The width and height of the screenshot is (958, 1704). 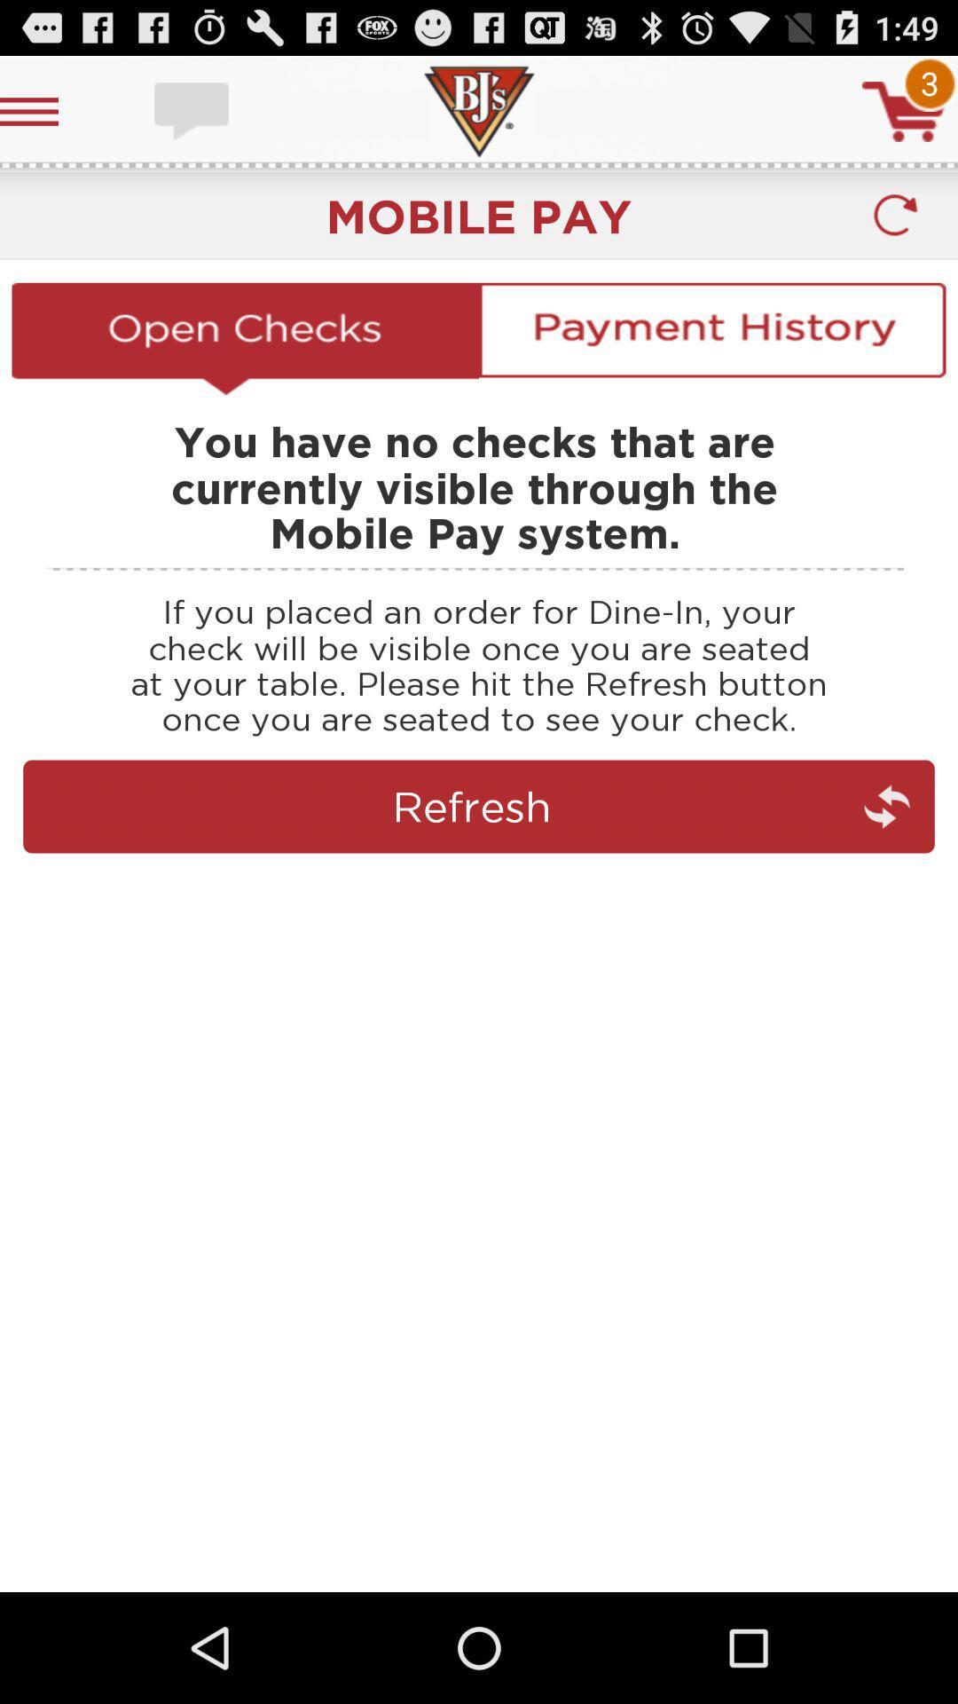 I want to click on checks, so click(x=245, y=338).